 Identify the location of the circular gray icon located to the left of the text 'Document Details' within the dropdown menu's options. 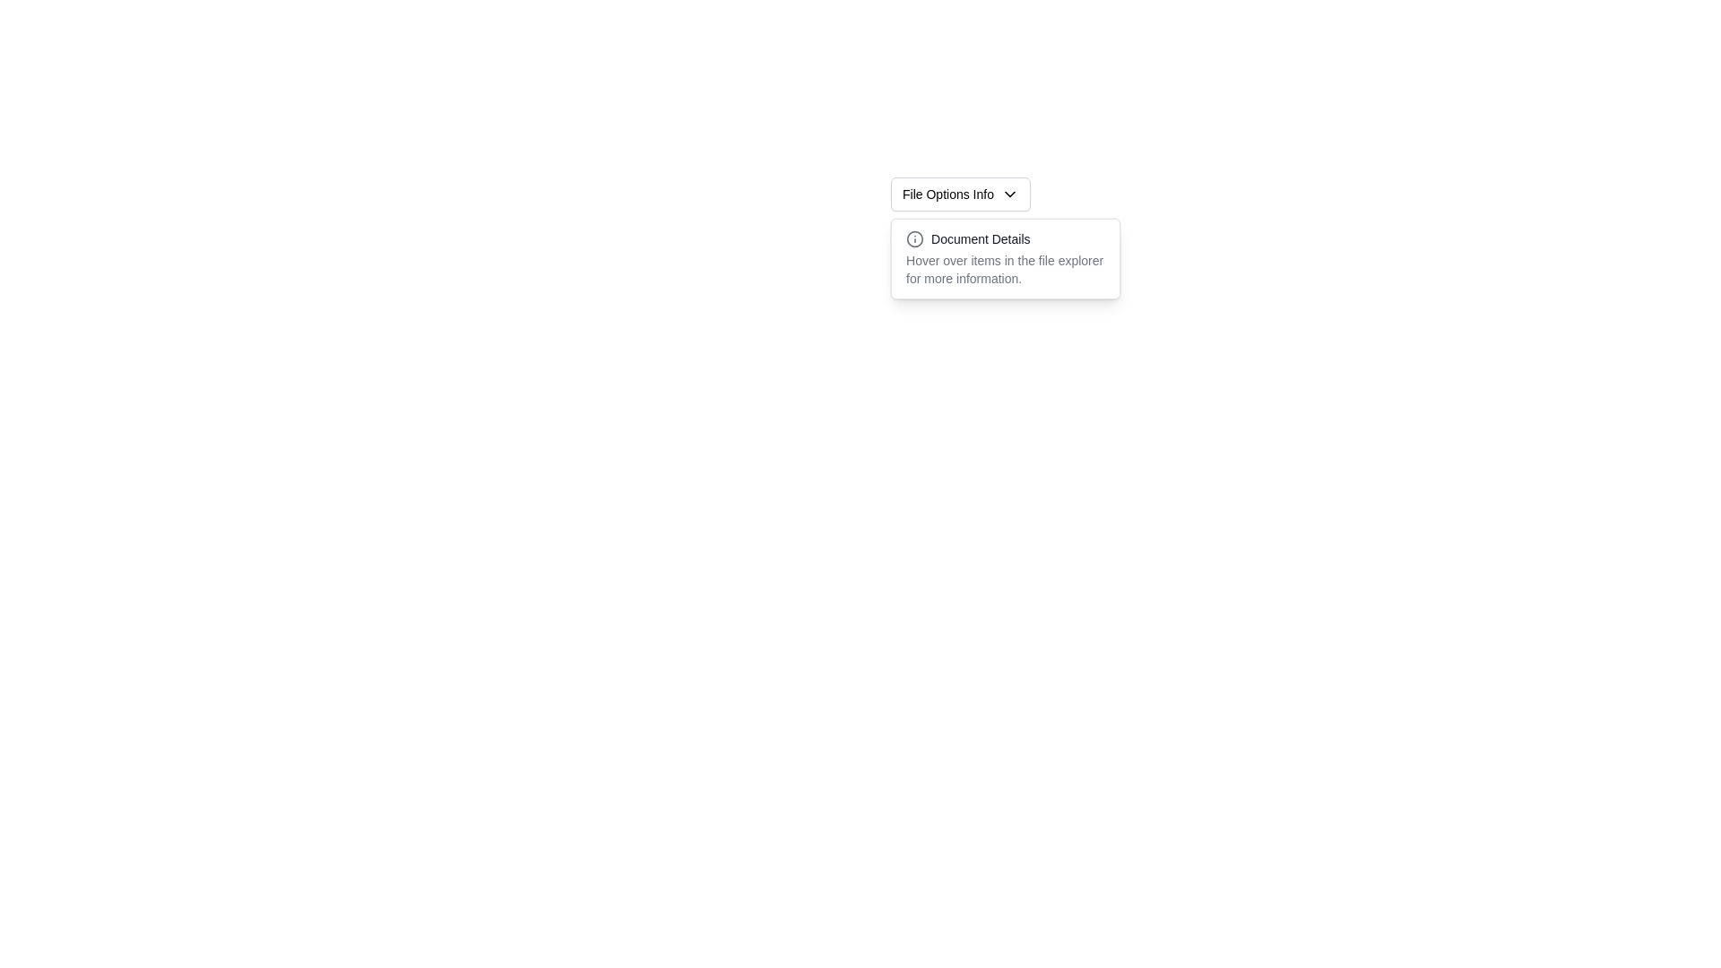
(915, 238).